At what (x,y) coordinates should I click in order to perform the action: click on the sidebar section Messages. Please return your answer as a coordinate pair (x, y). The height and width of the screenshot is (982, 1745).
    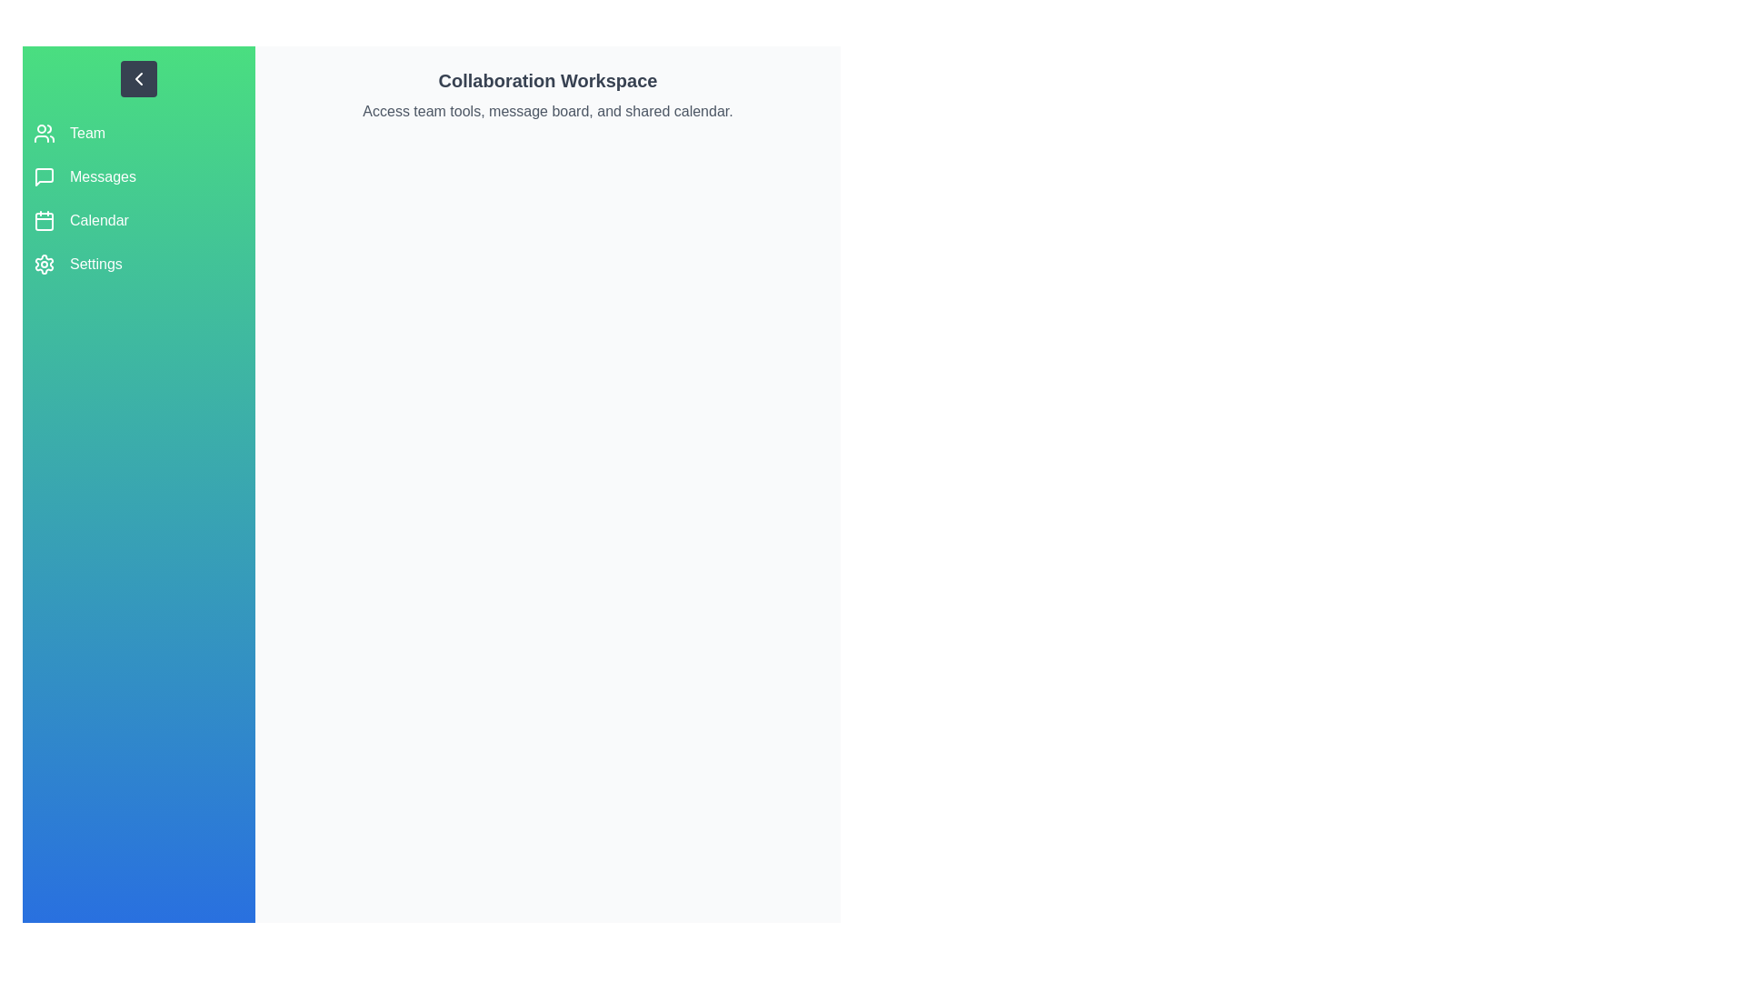
    Looking at the image, I should click on (138, 177).